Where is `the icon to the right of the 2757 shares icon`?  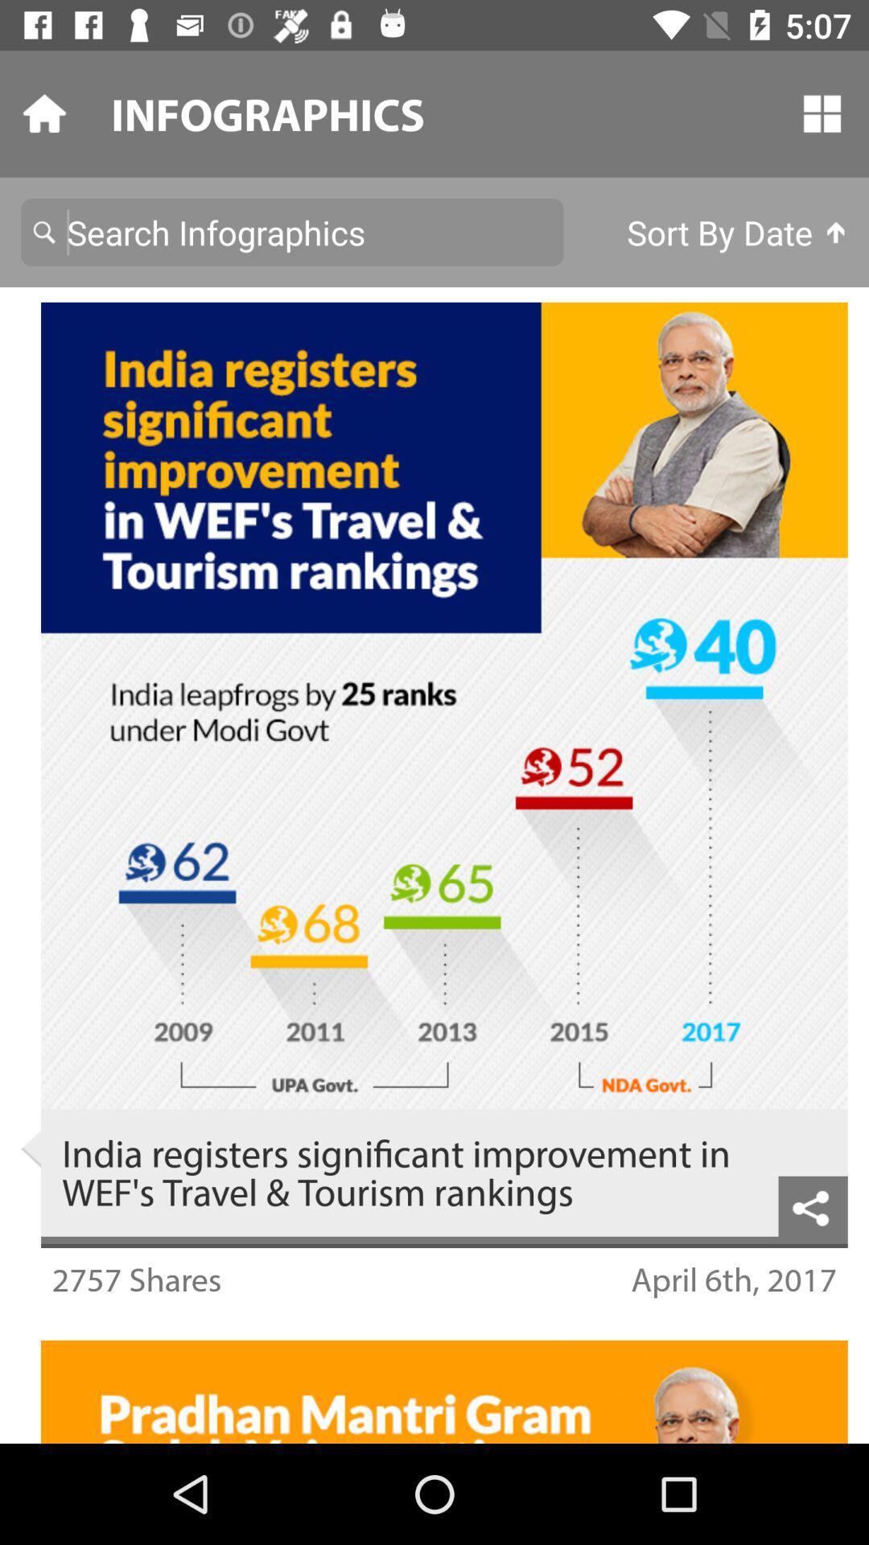 the icon to the right of the 2757 shares icon is located at coordinates (734, 1278).